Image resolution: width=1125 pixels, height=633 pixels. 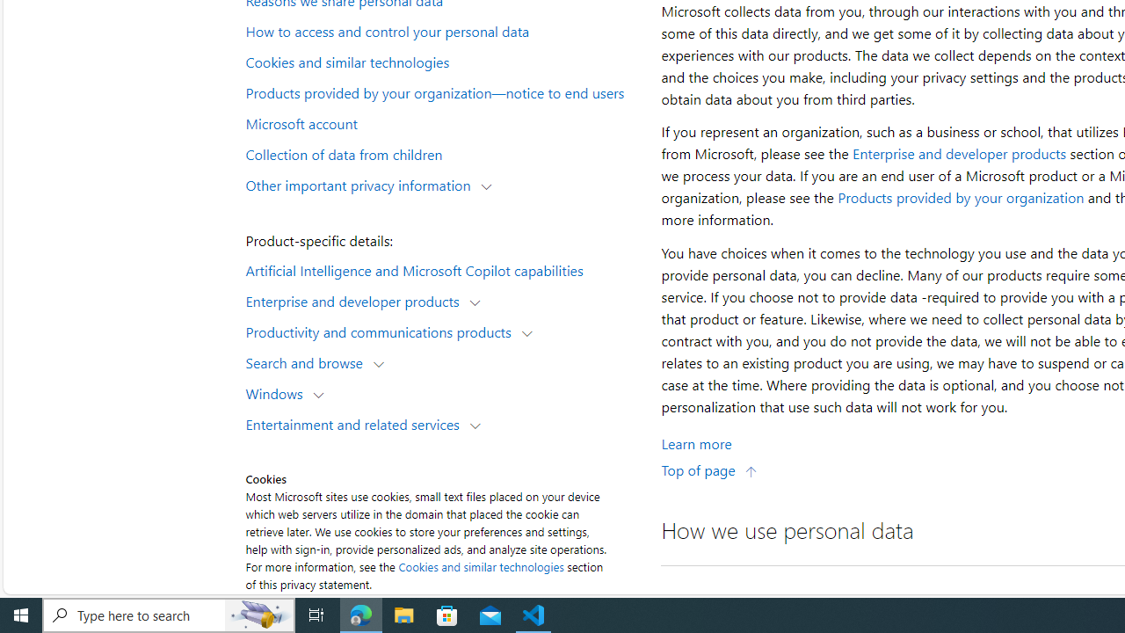 I want to click on 'Learn More about Personal data we collect', so click(x=695, y=442).